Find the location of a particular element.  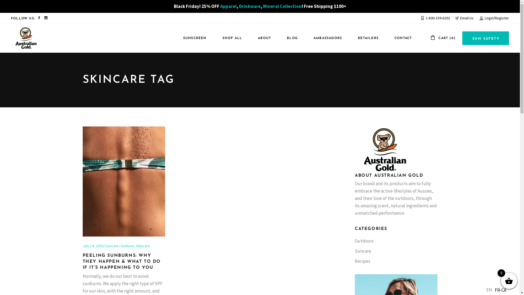

'ABOUT' is located at coordinates (261, 38).